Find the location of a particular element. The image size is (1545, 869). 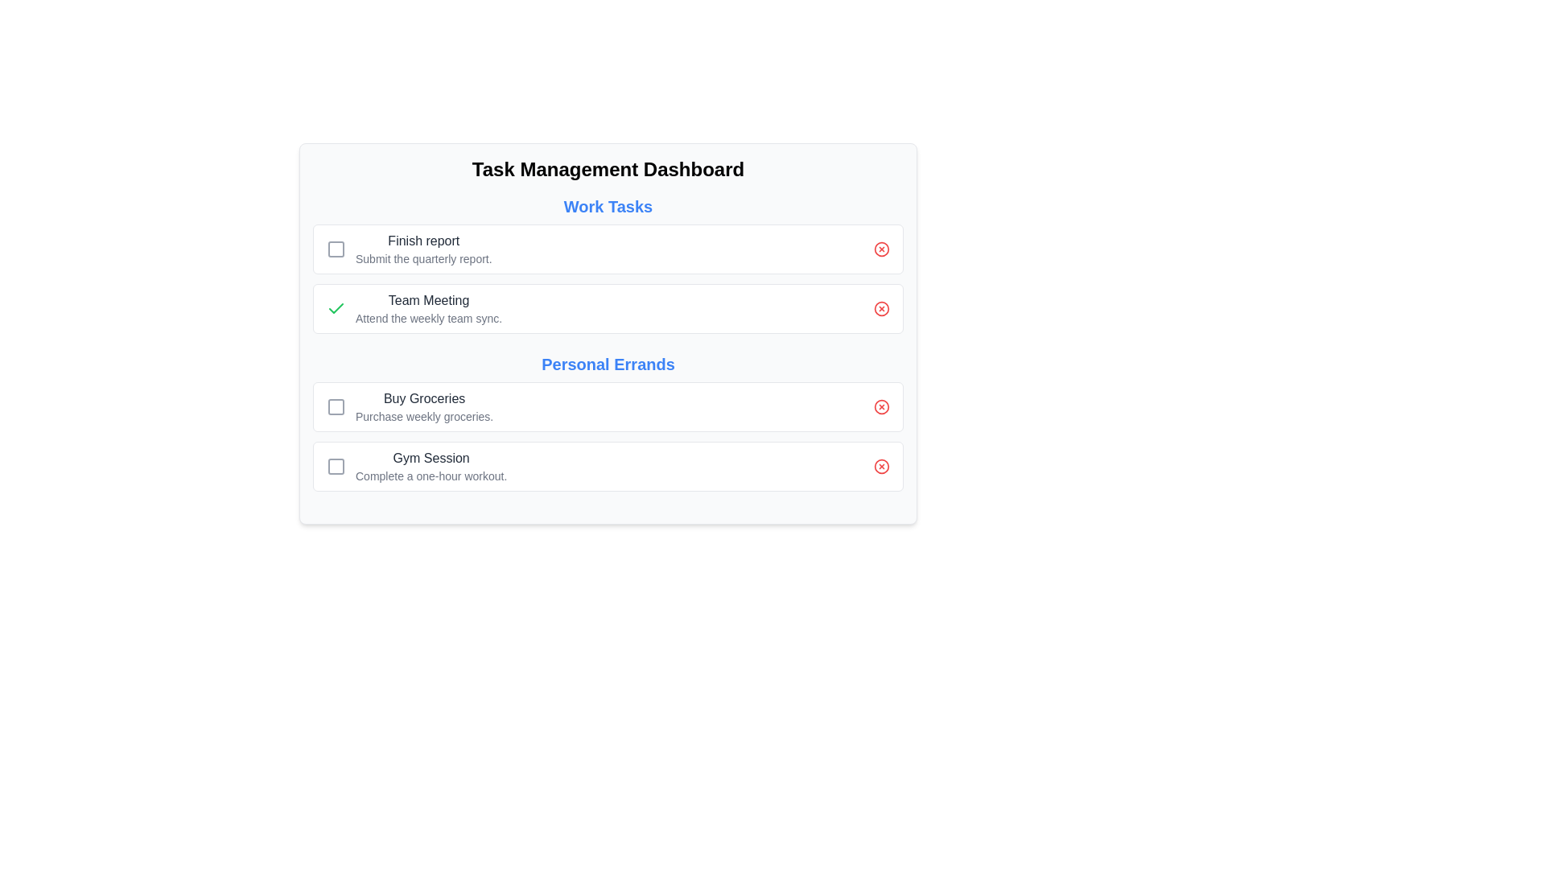

the 'Buy Groceries' checkbox to check or uncheck the box is located at coordinates (335, 406).